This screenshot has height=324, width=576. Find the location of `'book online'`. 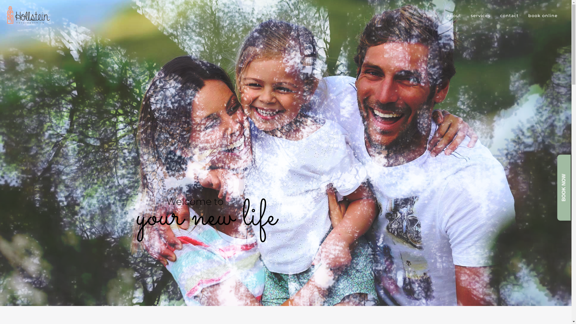

'book online' is located at coordinates (543, 15).